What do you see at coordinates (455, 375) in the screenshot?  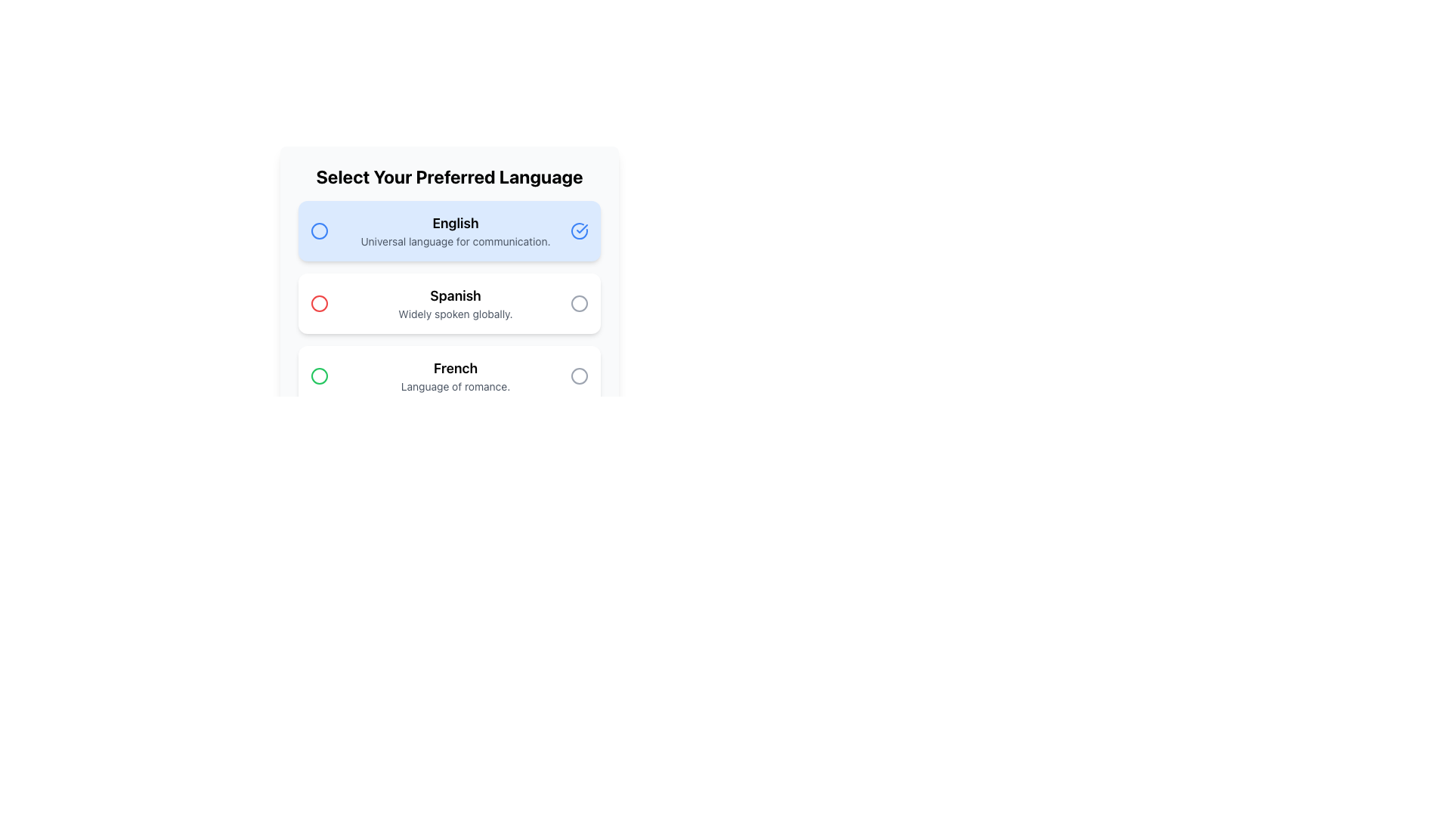 I see `the text block labeled 'French' which contains the header 'French' and subtext 'Language of romance', positioned within the third option of the vertical list of language preferences` at bounding box center [455, 375].